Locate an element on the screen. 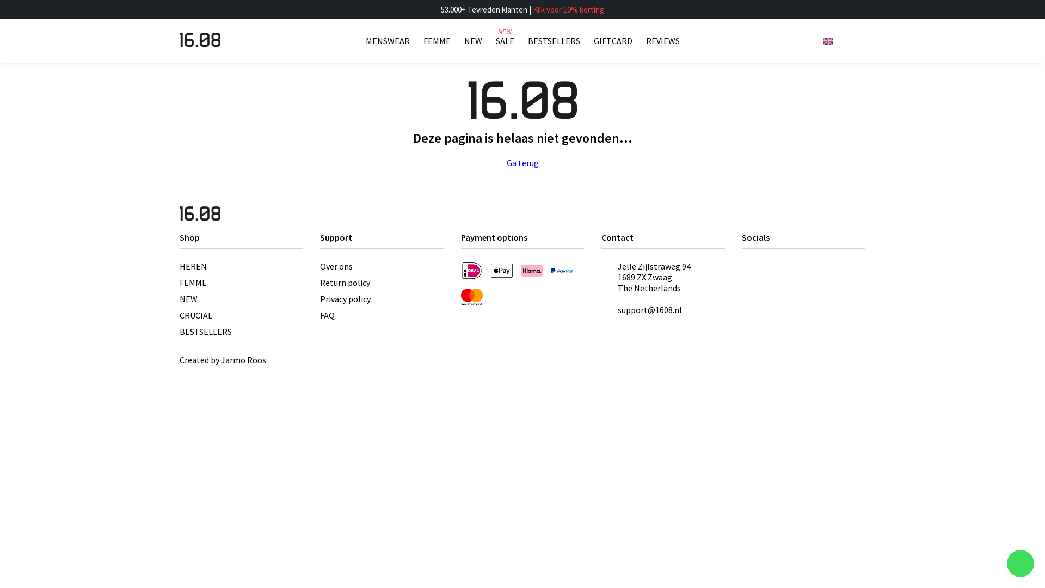 The width and height of the screenshot is (1045, 588). '53.000+ Tevreden klanten | Klik voor 10% korting' is located at coordinates (522, 9).